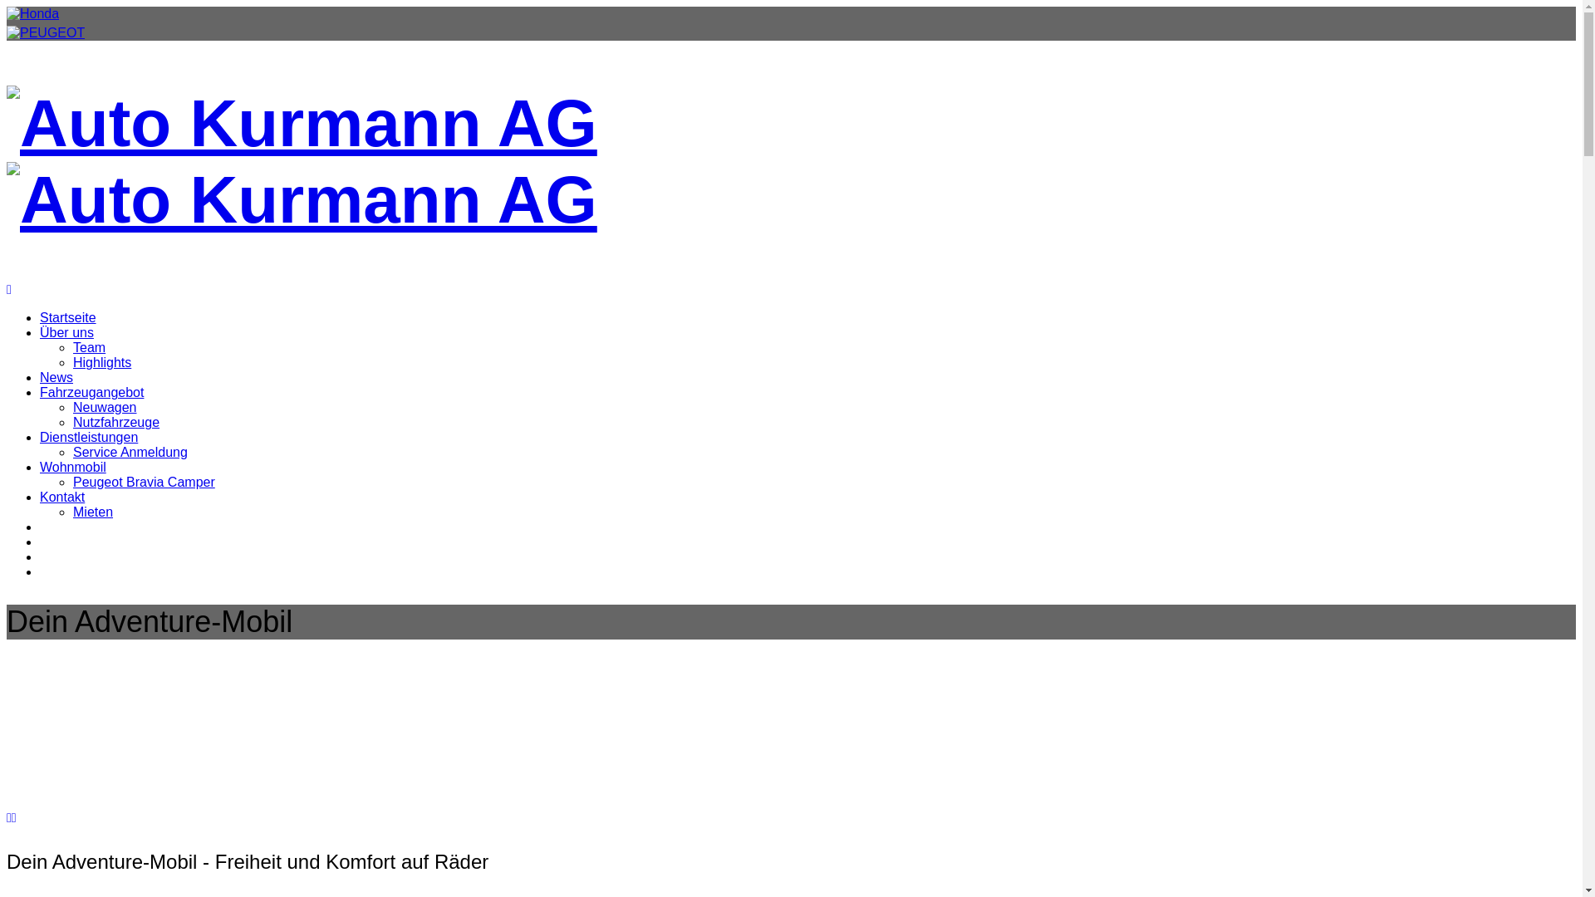 The image size is (1595, 897). I want to click on 'Nutzfahrzeuge', so click(115, 421).